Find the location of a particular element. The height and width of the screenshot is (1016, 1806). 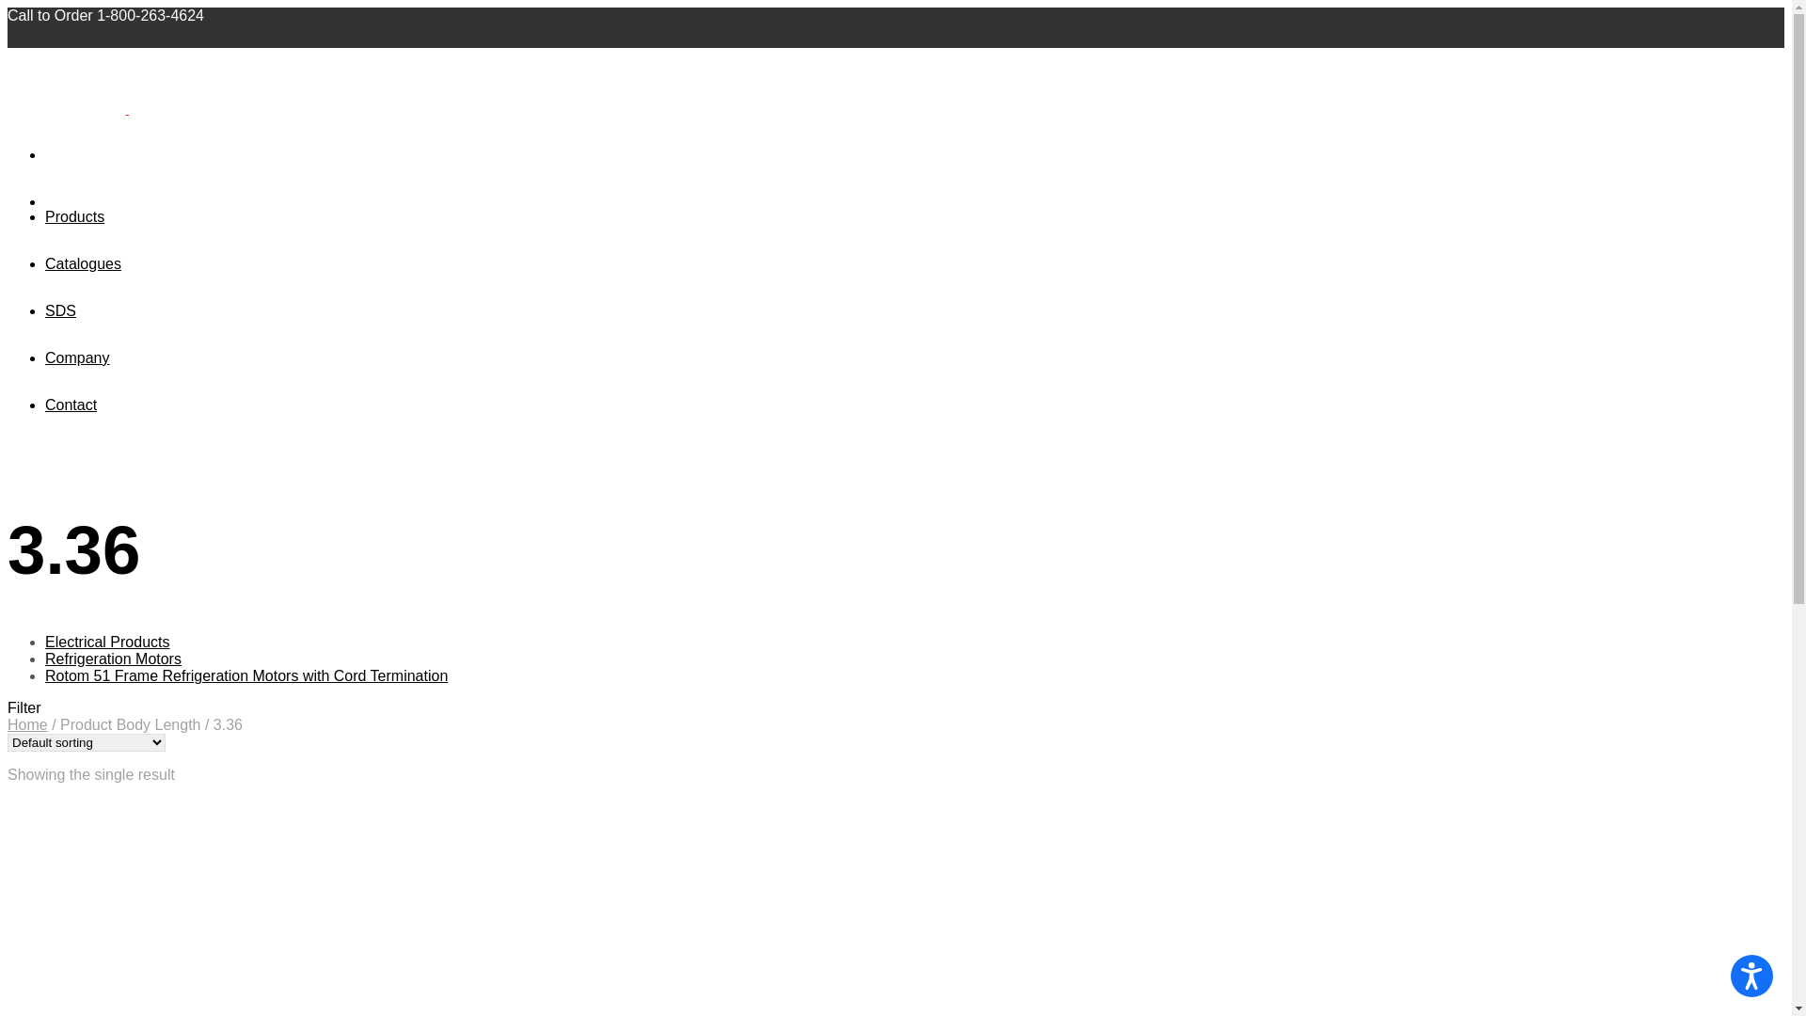

'Company' is located at coordinates (75, 357).